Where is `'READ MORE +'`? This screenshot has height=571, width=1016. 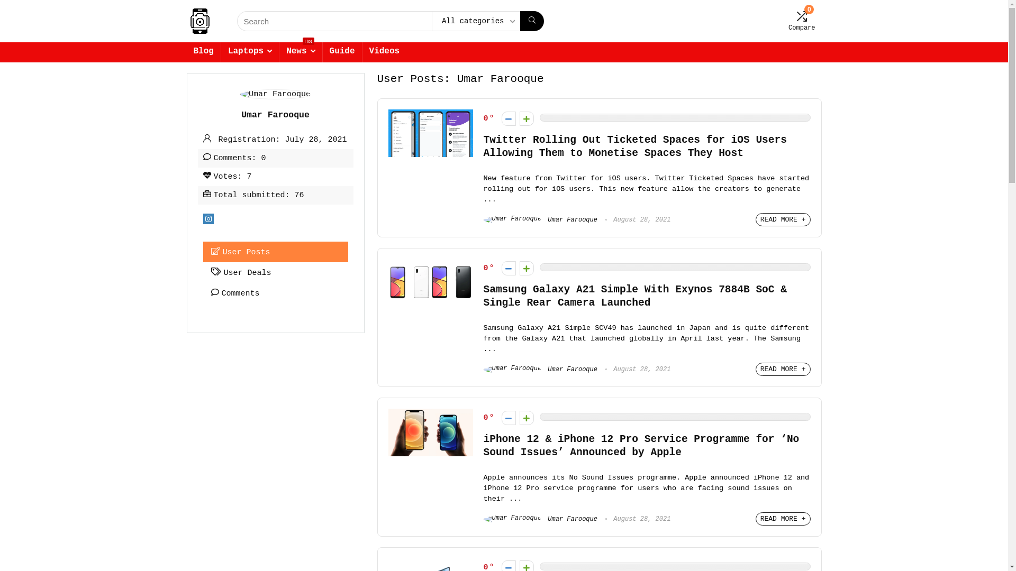 'READ MORE +' is located at coordinates (783, 219).